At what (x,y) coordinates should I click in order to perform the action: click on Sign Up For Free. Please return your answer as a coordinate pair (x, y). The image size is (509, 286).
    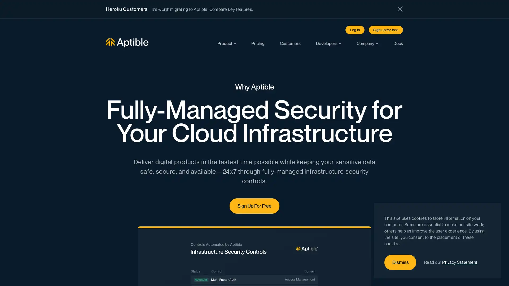
    Looking at the image, I should click on (254, 205).